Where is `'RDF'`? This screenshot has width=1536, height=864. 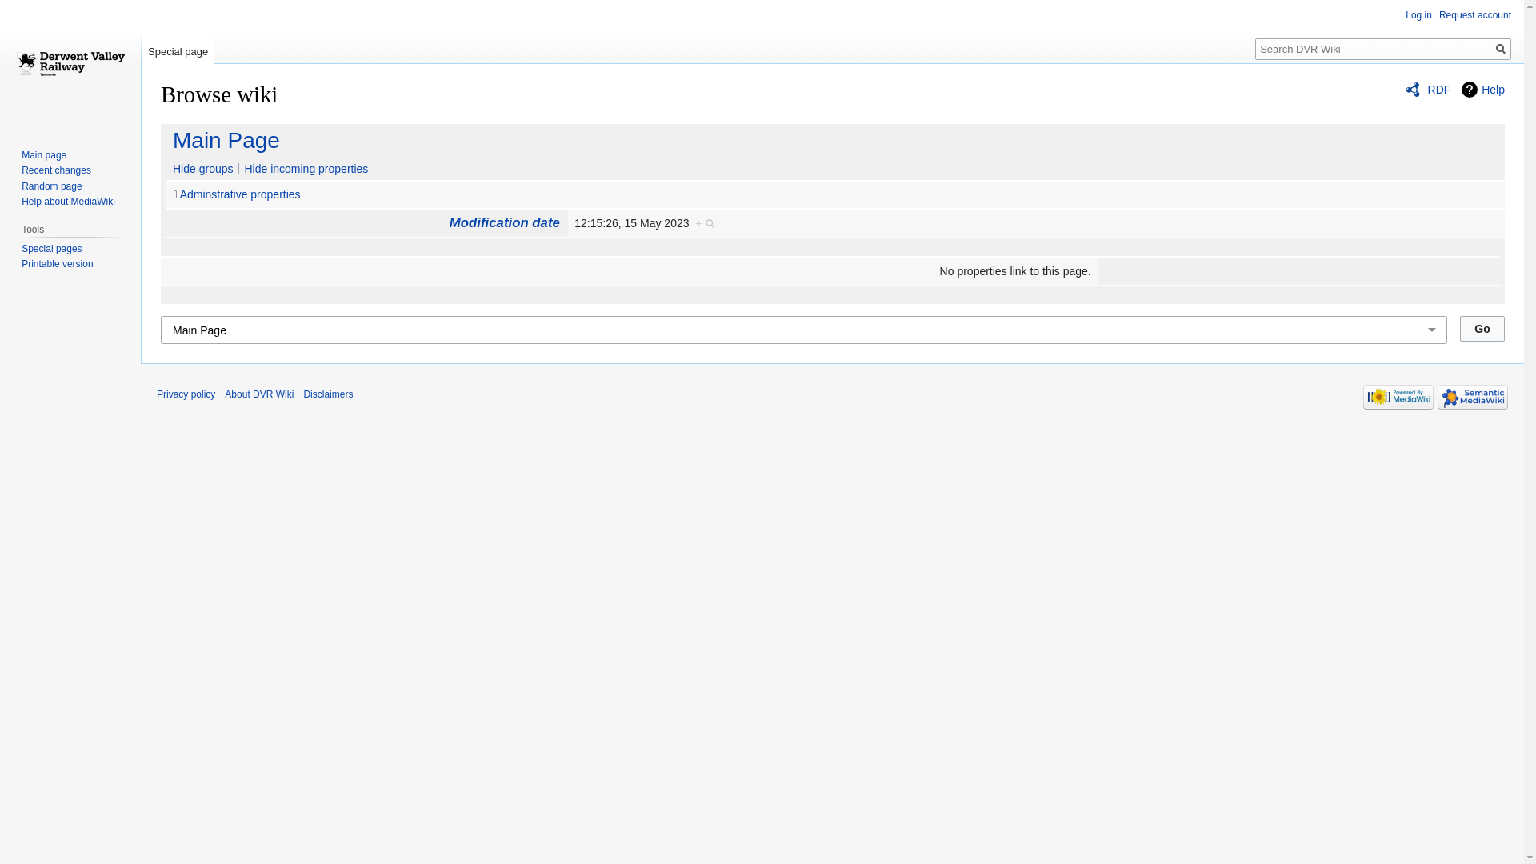 'RDF' is located at coordinates (1404, 89).